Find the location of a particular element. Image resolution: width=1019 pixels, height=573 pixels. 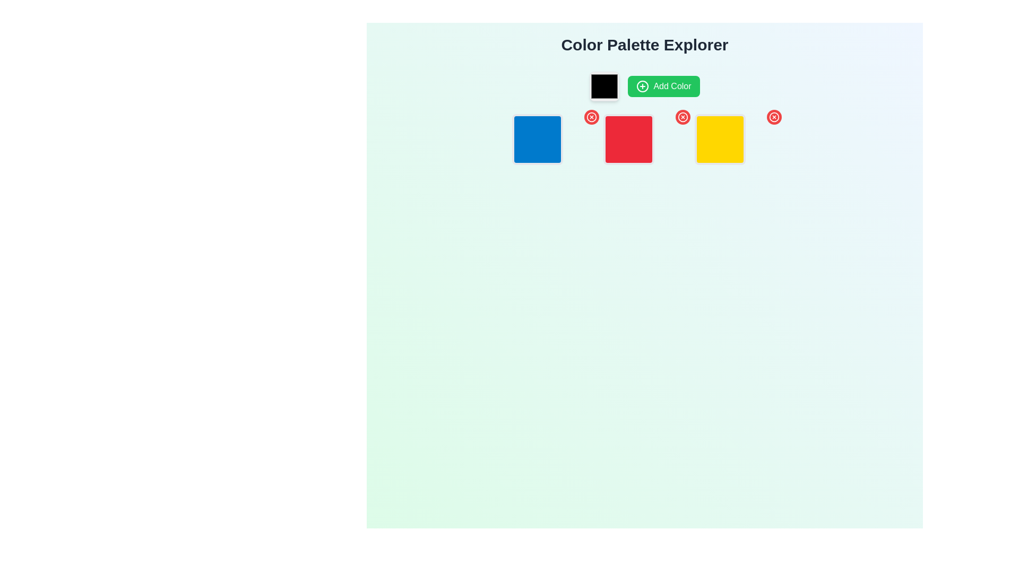

the 'Add Color' button, which features a green background, white text, and a circular plus icon, to observe the hover effect is located at coordinates (663, 85).